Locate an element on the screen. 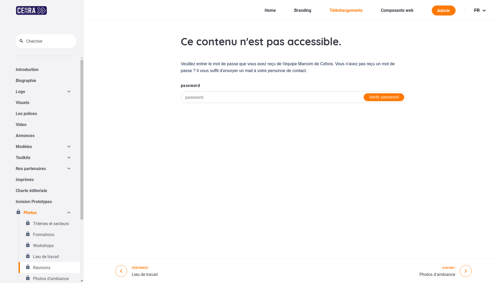 The image size is (503, 283). 'Nos partenaires' is located at coordinates (15, 168).